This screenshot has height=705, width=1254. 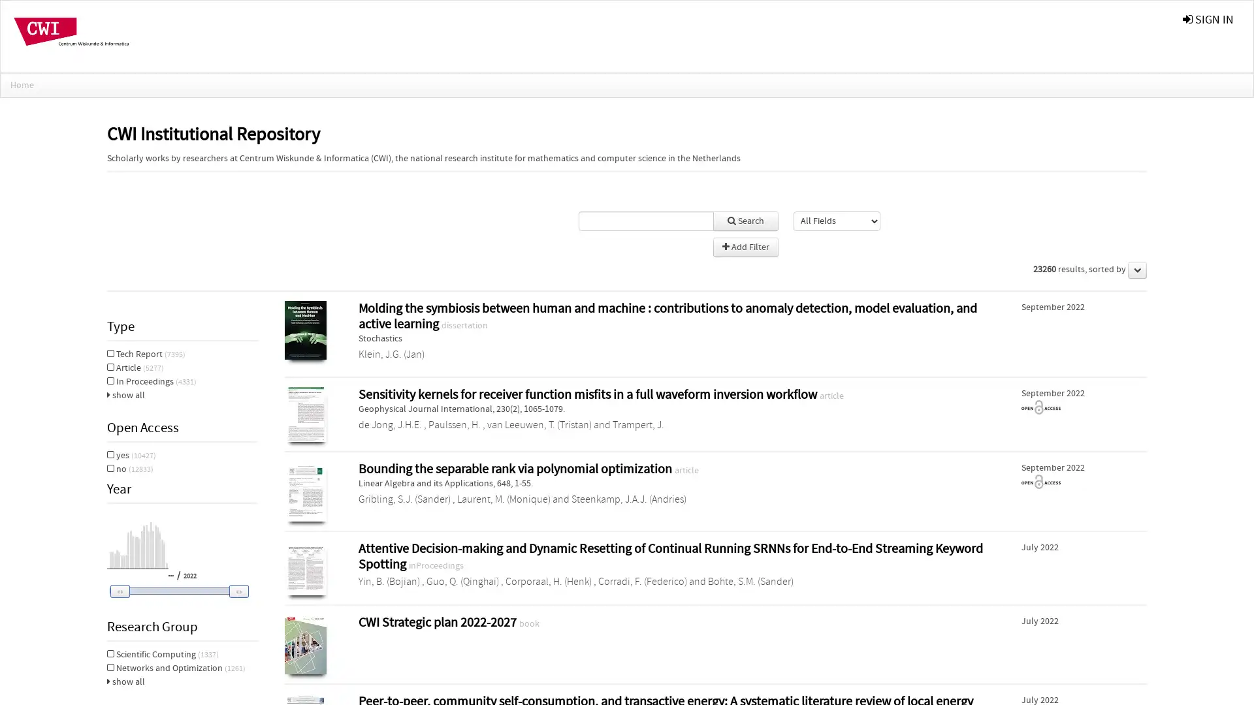 I want to click on Search, so click(x=745, y=221).